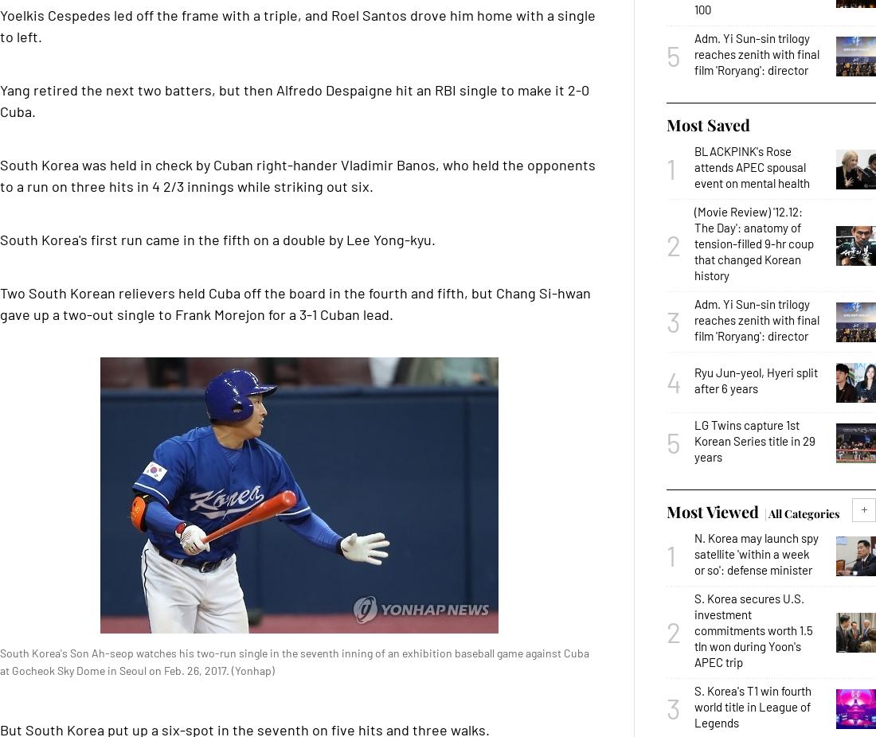  Describe the element at coordinates (295, 661) in the screenshot. I see `'South Korea's Son Ah-seop watches his two-run single in the seventh inning of an exhibition baseball game against Cuba at Gocheok Sky Dome in Seoul on Feb. 26, 2017. (Yonhap)'` at that location.